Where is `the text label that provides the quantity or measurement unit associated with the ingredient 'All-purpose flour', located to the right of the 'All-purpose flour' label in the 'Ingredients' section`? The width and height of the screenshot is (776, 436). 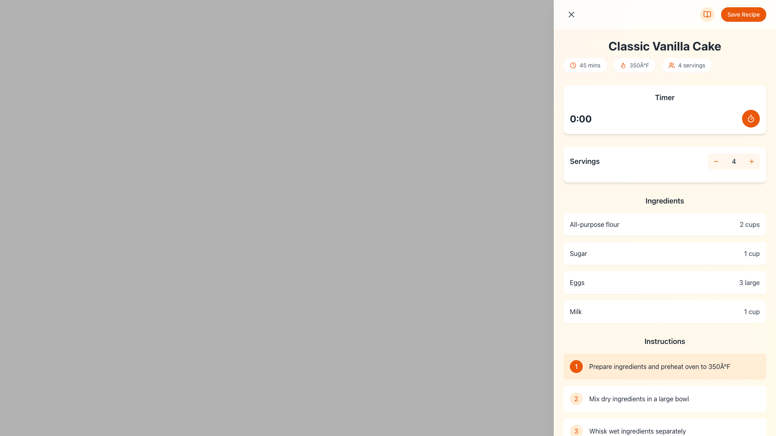
the text label that provides the quantity or measurement unit associated with the ingredient 'All-purpose flour', located to the right of the 'All-purpose flour' label in the 'Ingredients' section is located at coordinates (749, 224).